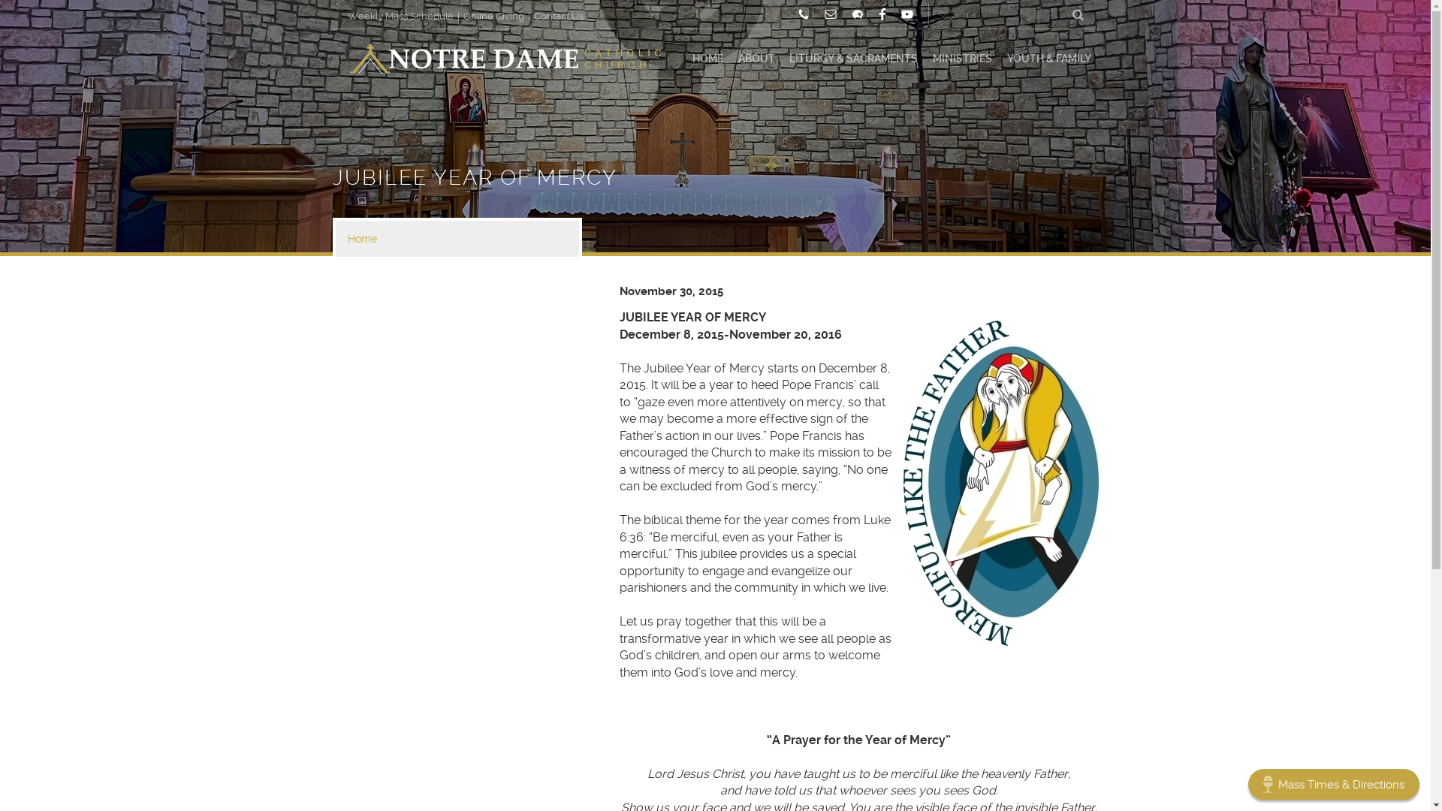 The width and height of the screenshot is (1442, 811). Describe the element at coordinates (907, 14) in the screenshot. I see `'YouTube'` at that location.